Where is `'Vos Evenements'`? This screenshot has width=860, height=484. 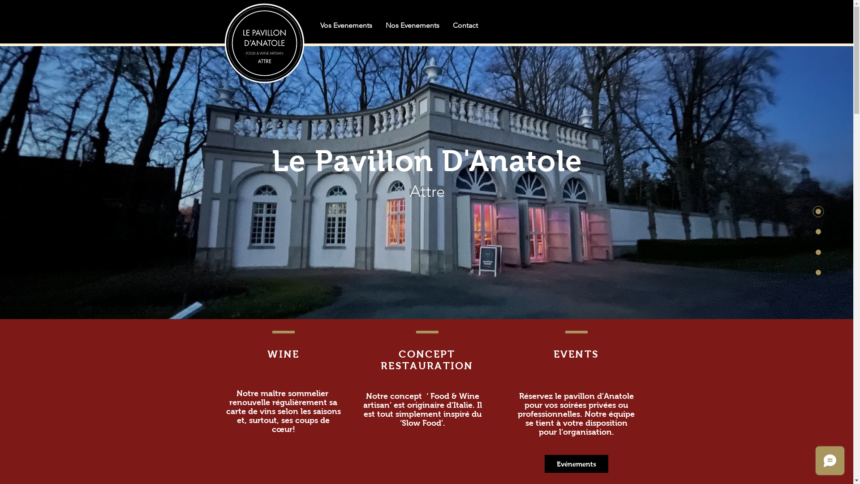 'Vos Evenements' is located at coordinates (314, 25).